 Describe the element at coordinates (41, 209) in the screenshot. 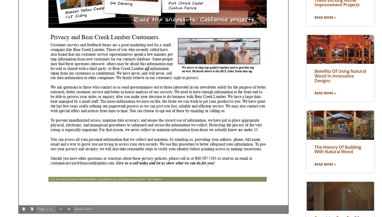

I see `'Page'` at that location.